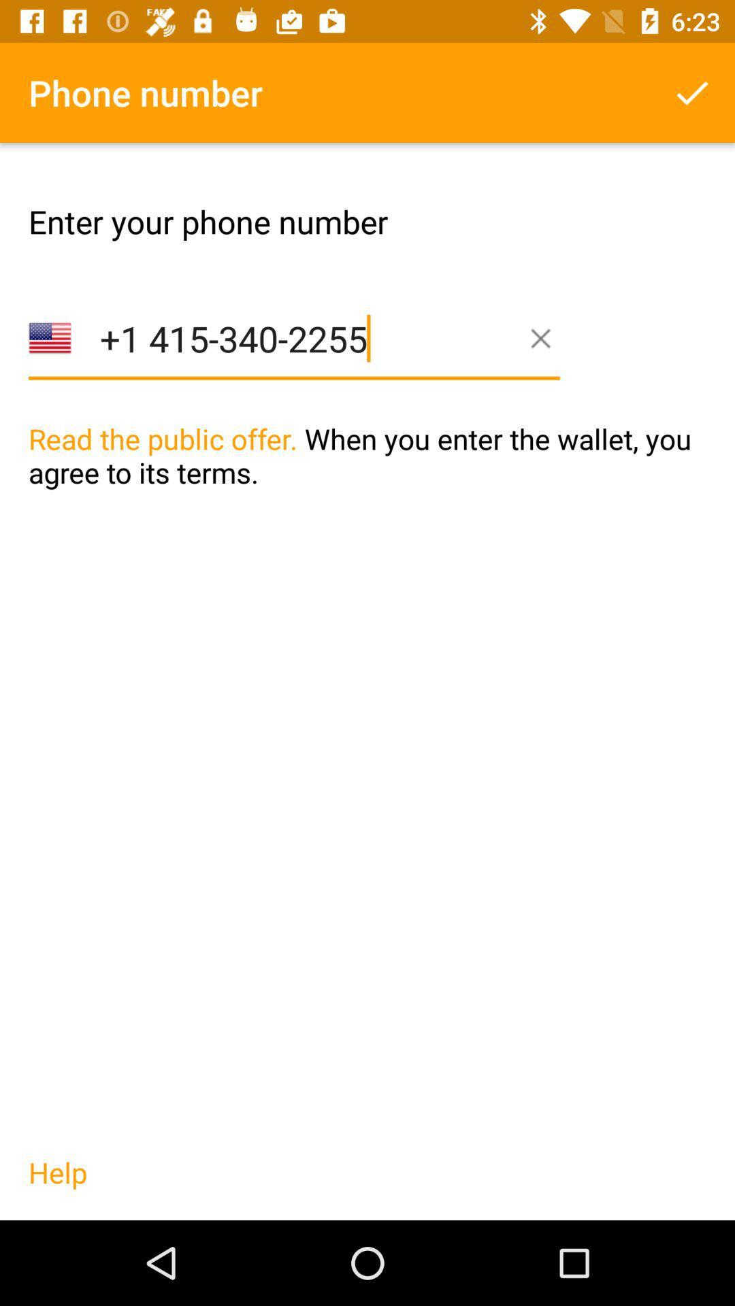 The image size is (735, 1306). Describe the element at coordinates (692, 92) in the screenshot. I see `the item at the top right corner` at that location.